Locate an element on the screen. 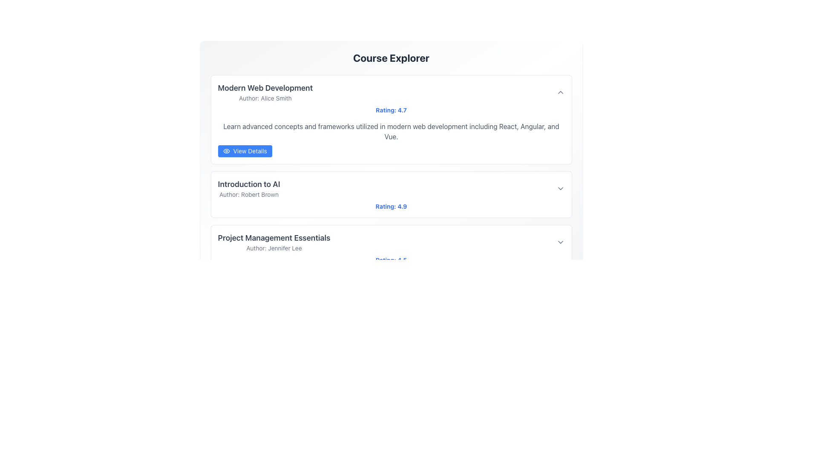  the Text Label displaying information about the author of the course, located below 'Modern Web Development' is located at coordinates (265, 98).